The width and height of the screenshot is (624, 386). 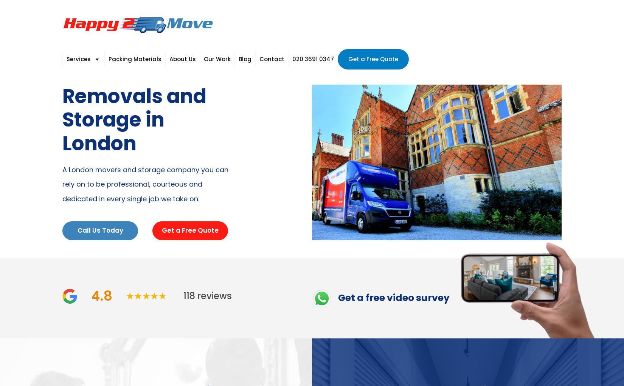 What do you see at coordinates (160, 187) in the screenshot?
I see `'Flatpack Assembly'` at bounding box center [160, 187].